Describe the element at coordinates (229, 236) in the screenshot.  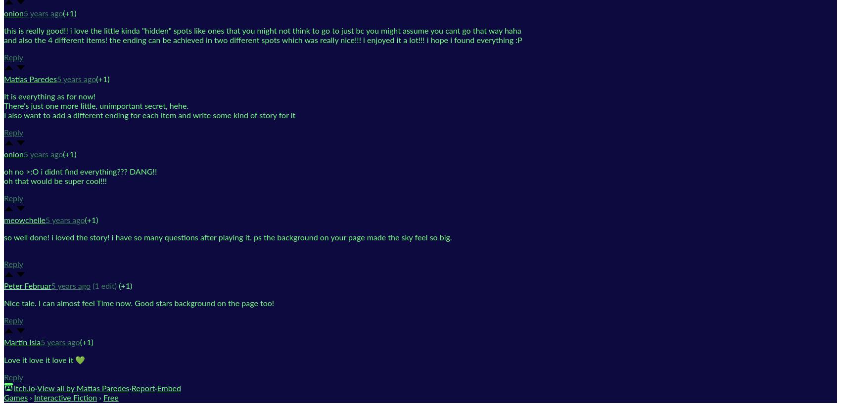
I see `'so well done! i loved the story! i have so many questions after playing it. ps the background on your page made the sky feel so big.'` at that location.